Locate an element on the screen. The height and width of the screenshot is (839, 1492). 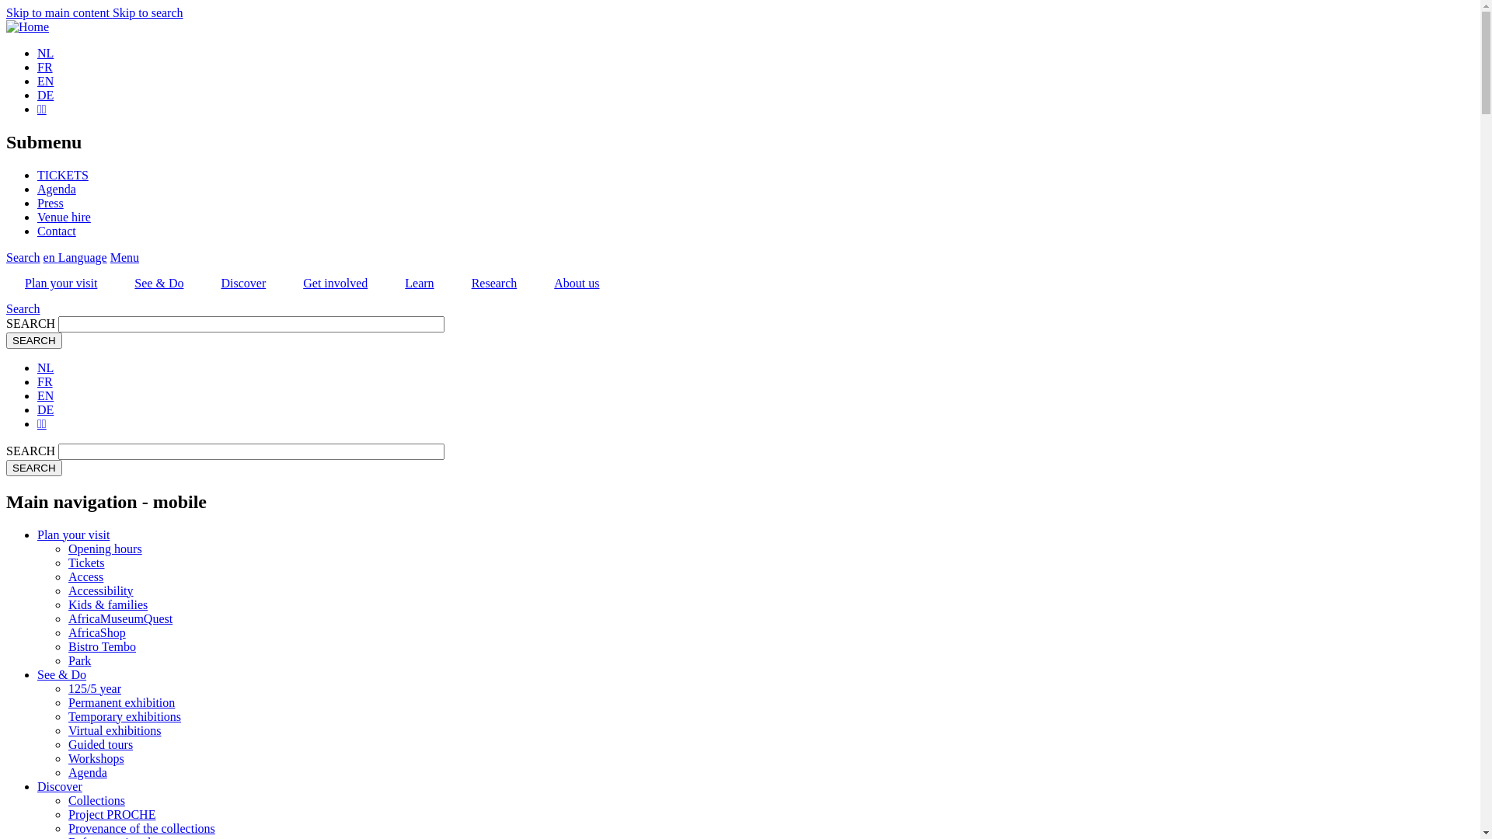
'SEARCH' is located at coordinates (33, 467).